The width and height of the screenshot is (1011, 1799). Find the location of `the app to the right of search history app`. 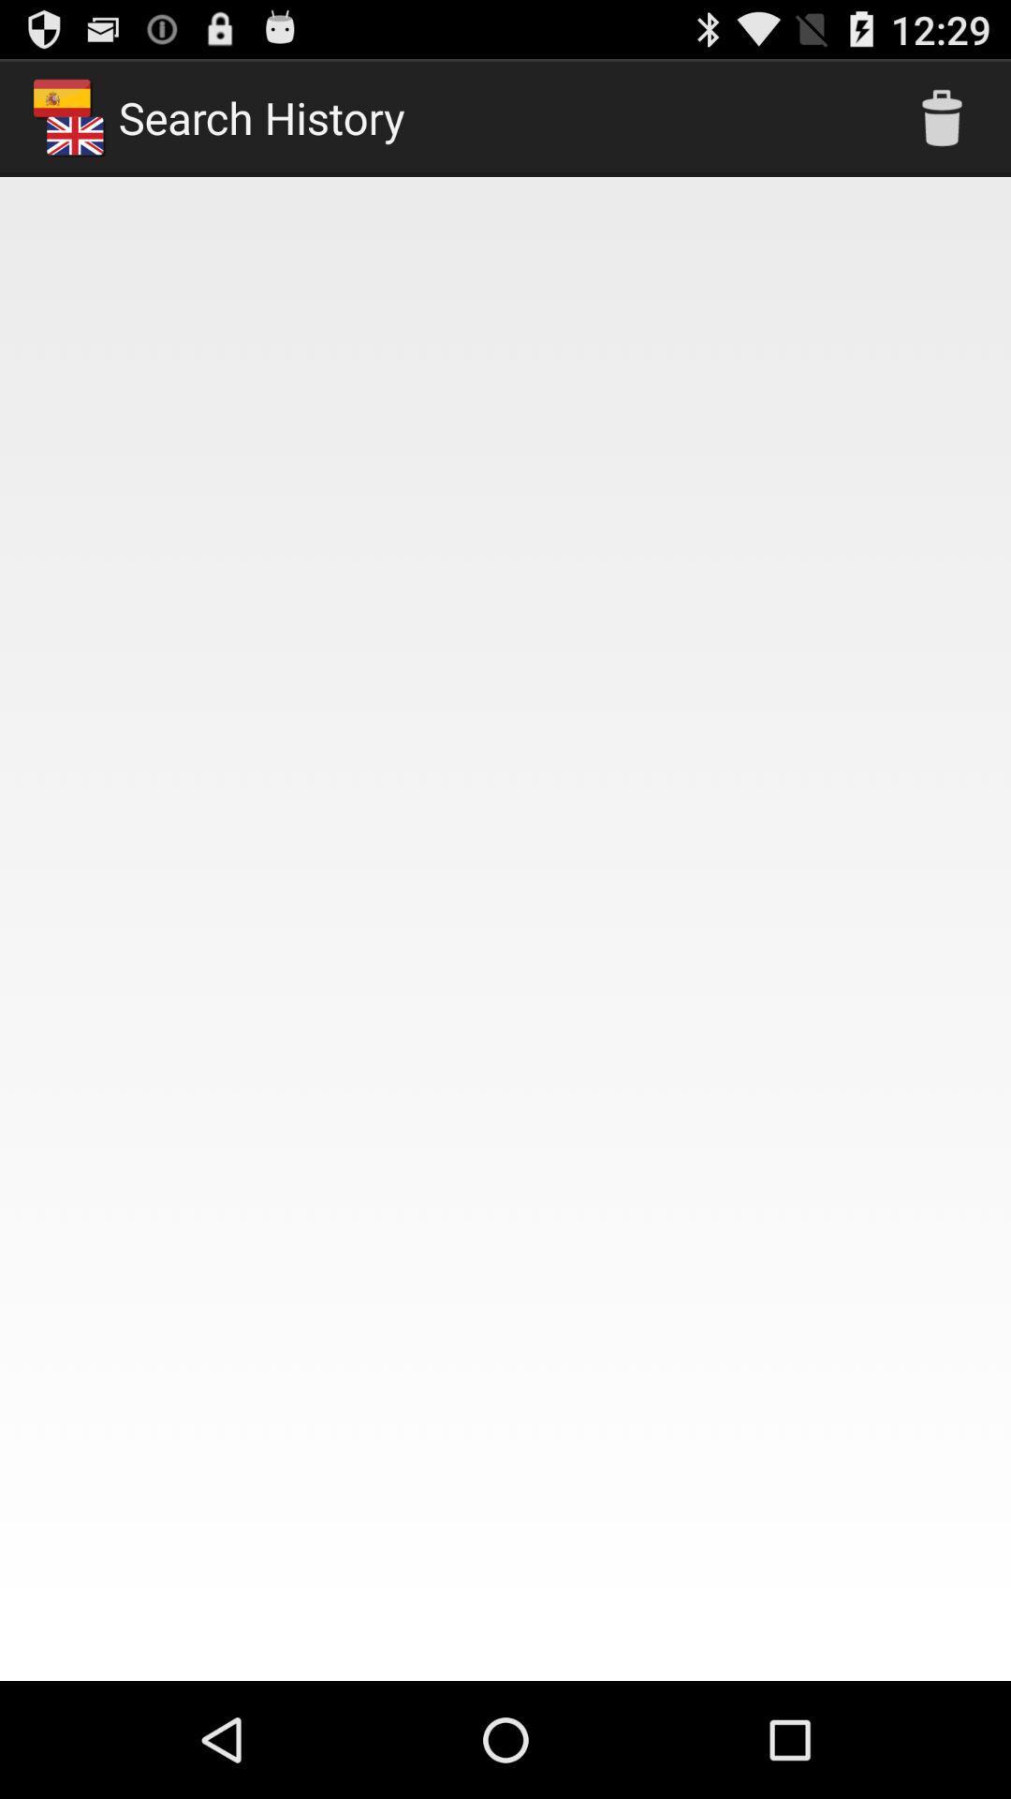

the app to the right of search history app is located at coordinates (942, 116).